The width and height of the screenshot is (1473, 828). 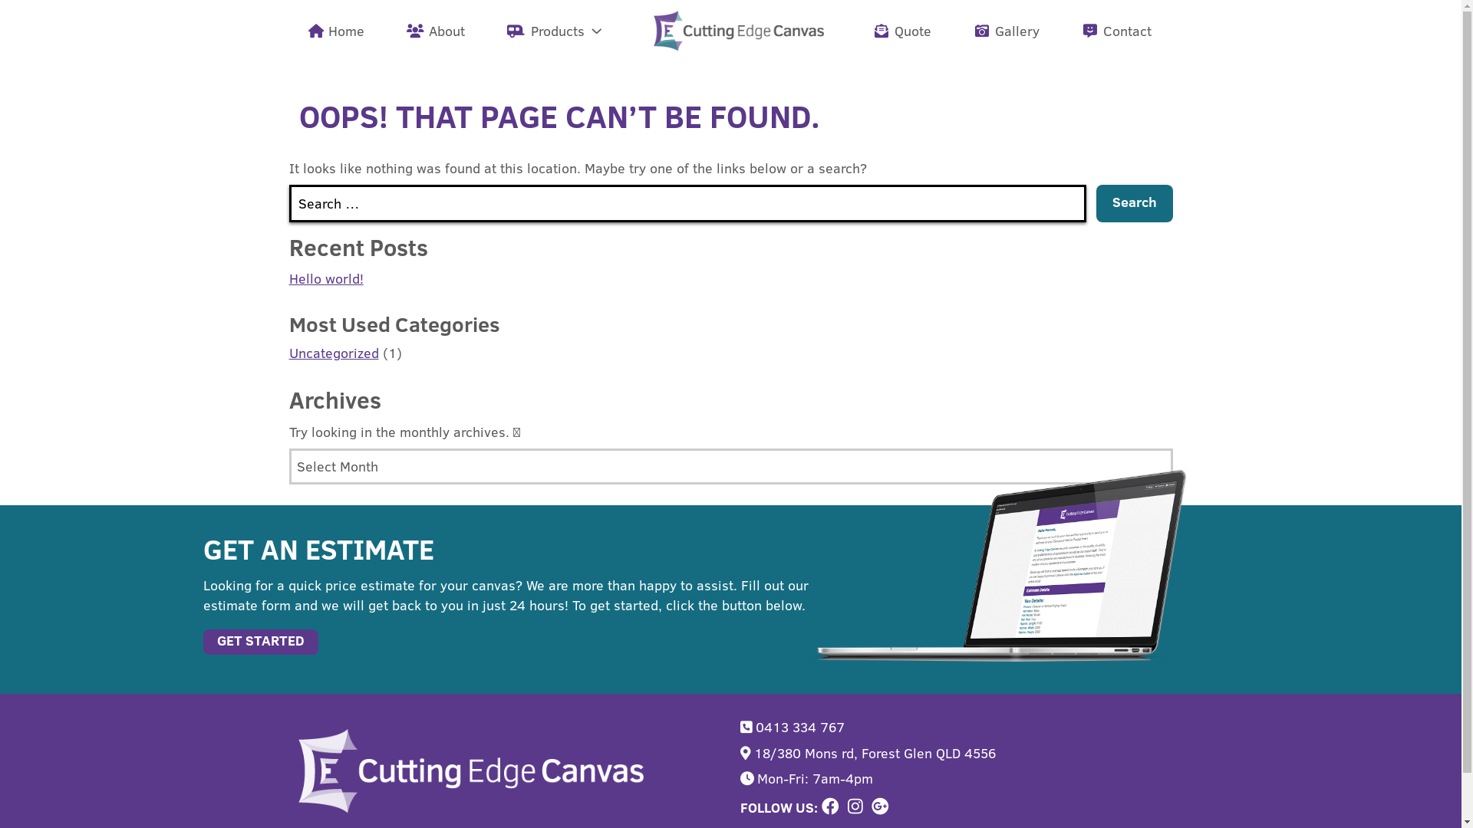 What do you see at coordinates (437, 30) in the screenshot?
I see `'About'` at bounding box center [437, 30].